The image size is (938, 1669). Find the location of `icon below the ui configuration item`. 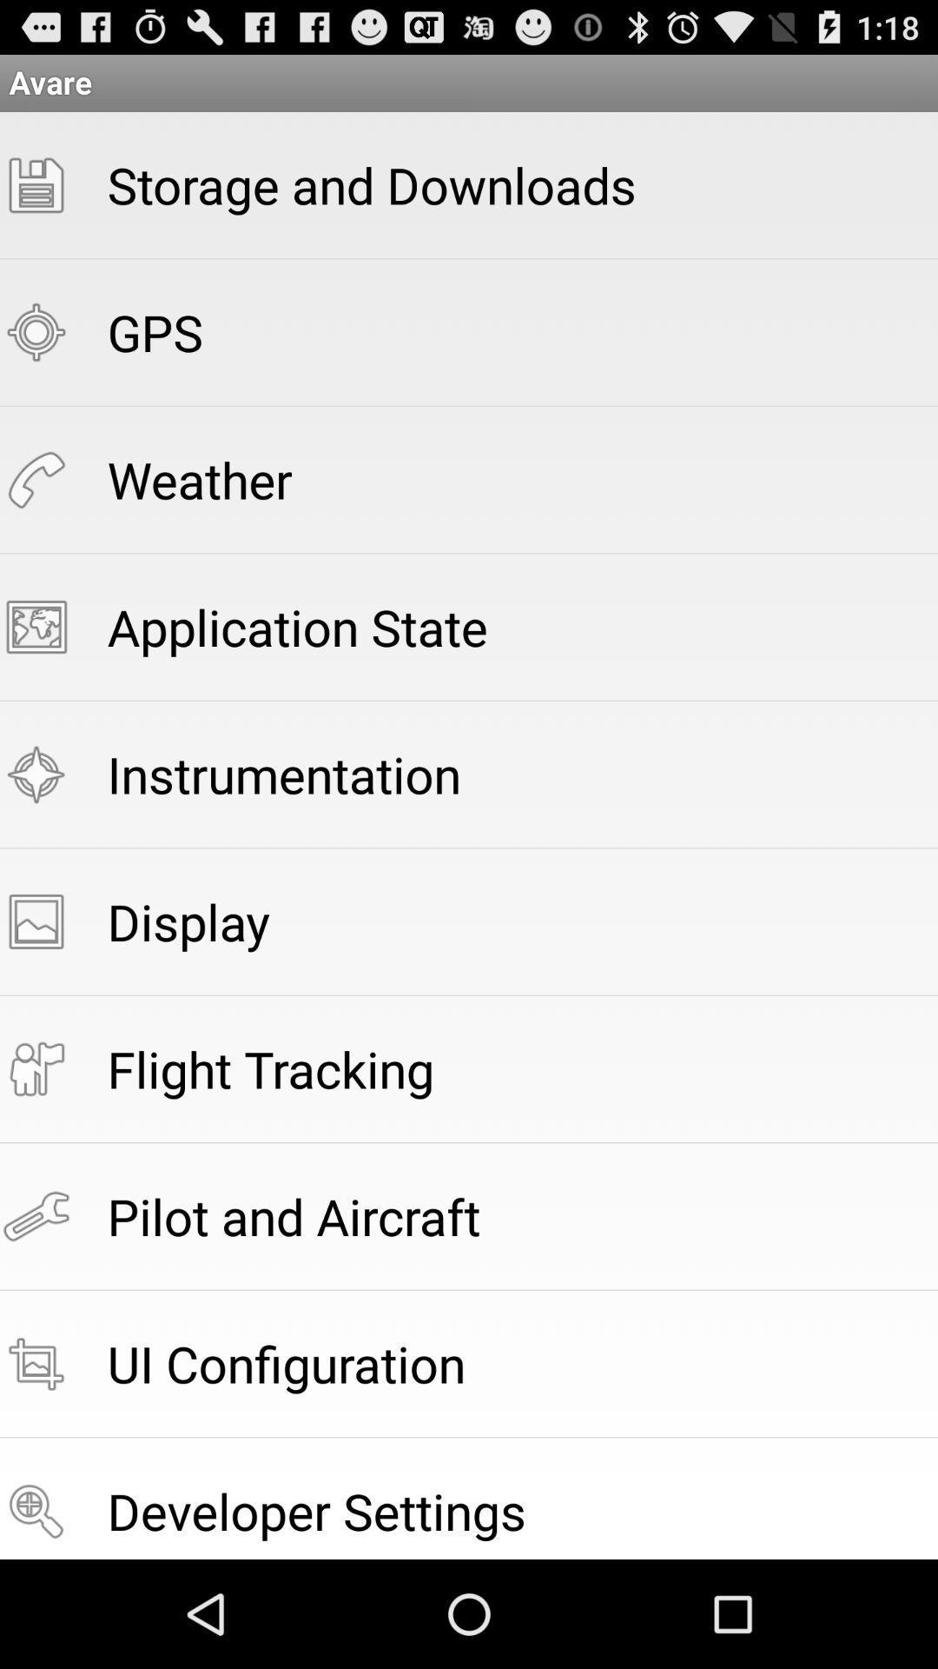

icon below the ui configuration item is located at coordinates (316, 1510).